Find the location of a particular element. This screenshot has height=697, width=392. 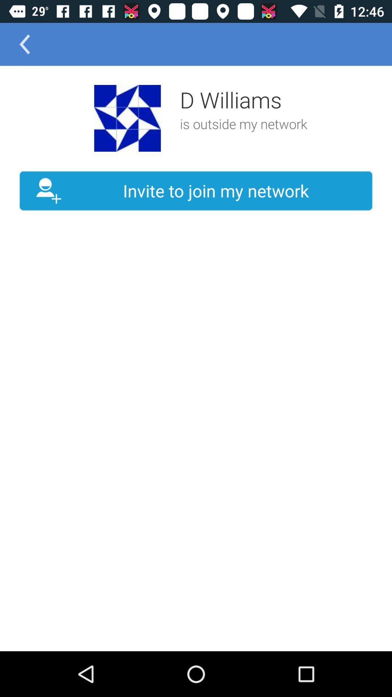

the invite to join is located at coordinates (196, 191).